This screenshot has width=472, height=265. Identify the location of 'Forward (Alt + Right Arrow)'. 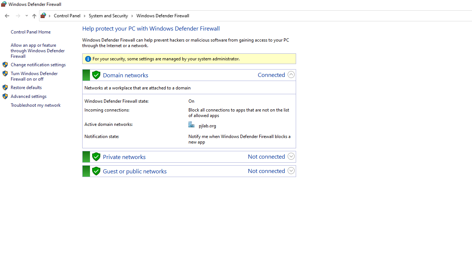
(18, 16).